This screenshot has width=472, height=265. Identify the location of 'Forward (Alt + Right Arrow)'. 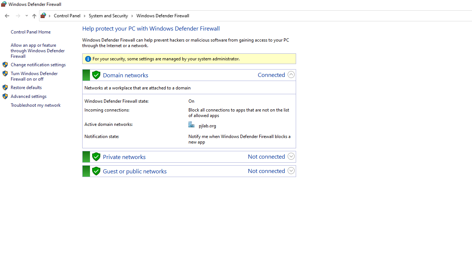
(18, 16).